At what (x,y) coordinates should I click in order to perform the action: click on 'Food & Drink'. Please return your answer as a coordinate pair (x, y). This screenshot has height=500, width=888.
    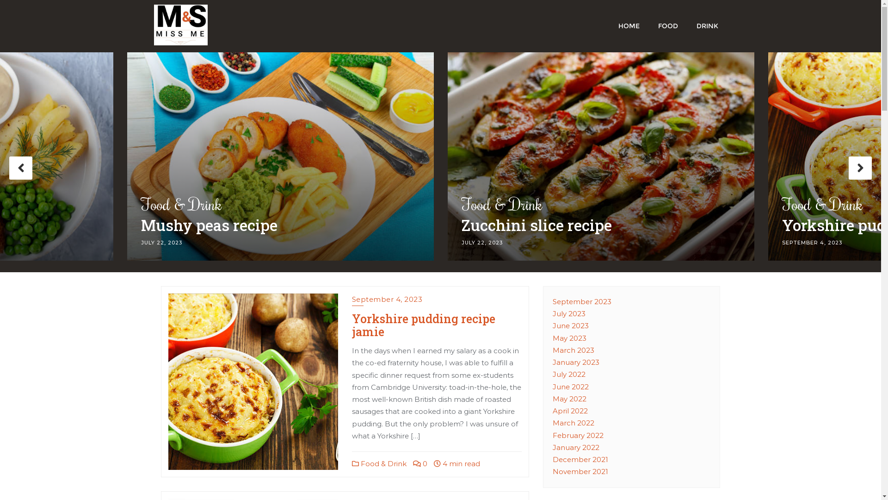
    Looking at the image, I should click on (379, 463).